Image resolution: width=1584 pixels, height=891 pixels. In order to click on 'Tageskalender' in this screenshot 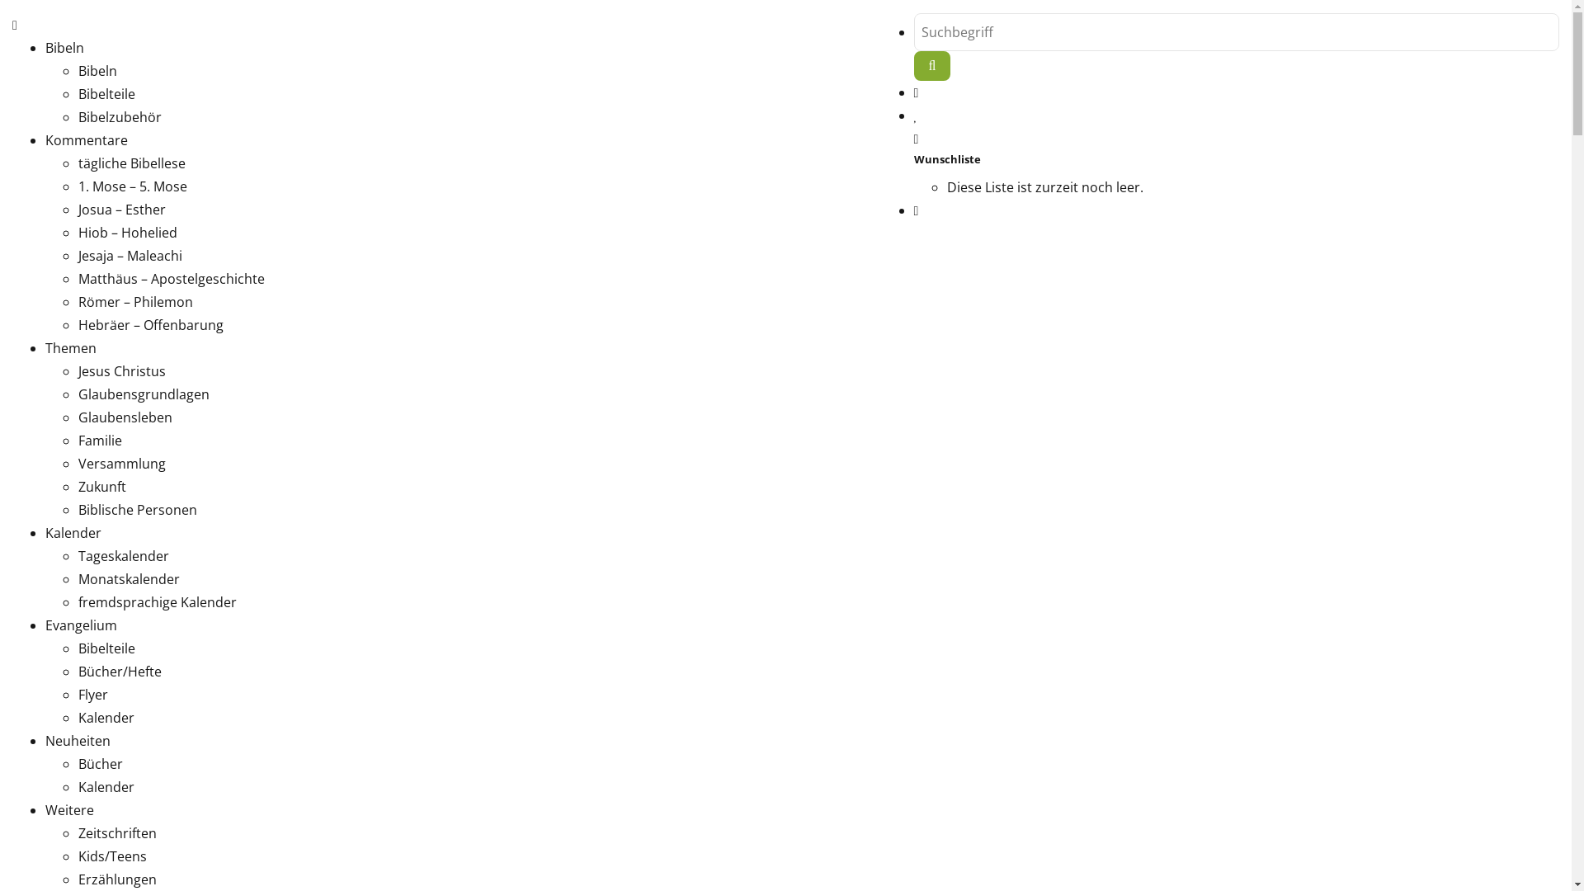, I will do `click(78, 556)`.